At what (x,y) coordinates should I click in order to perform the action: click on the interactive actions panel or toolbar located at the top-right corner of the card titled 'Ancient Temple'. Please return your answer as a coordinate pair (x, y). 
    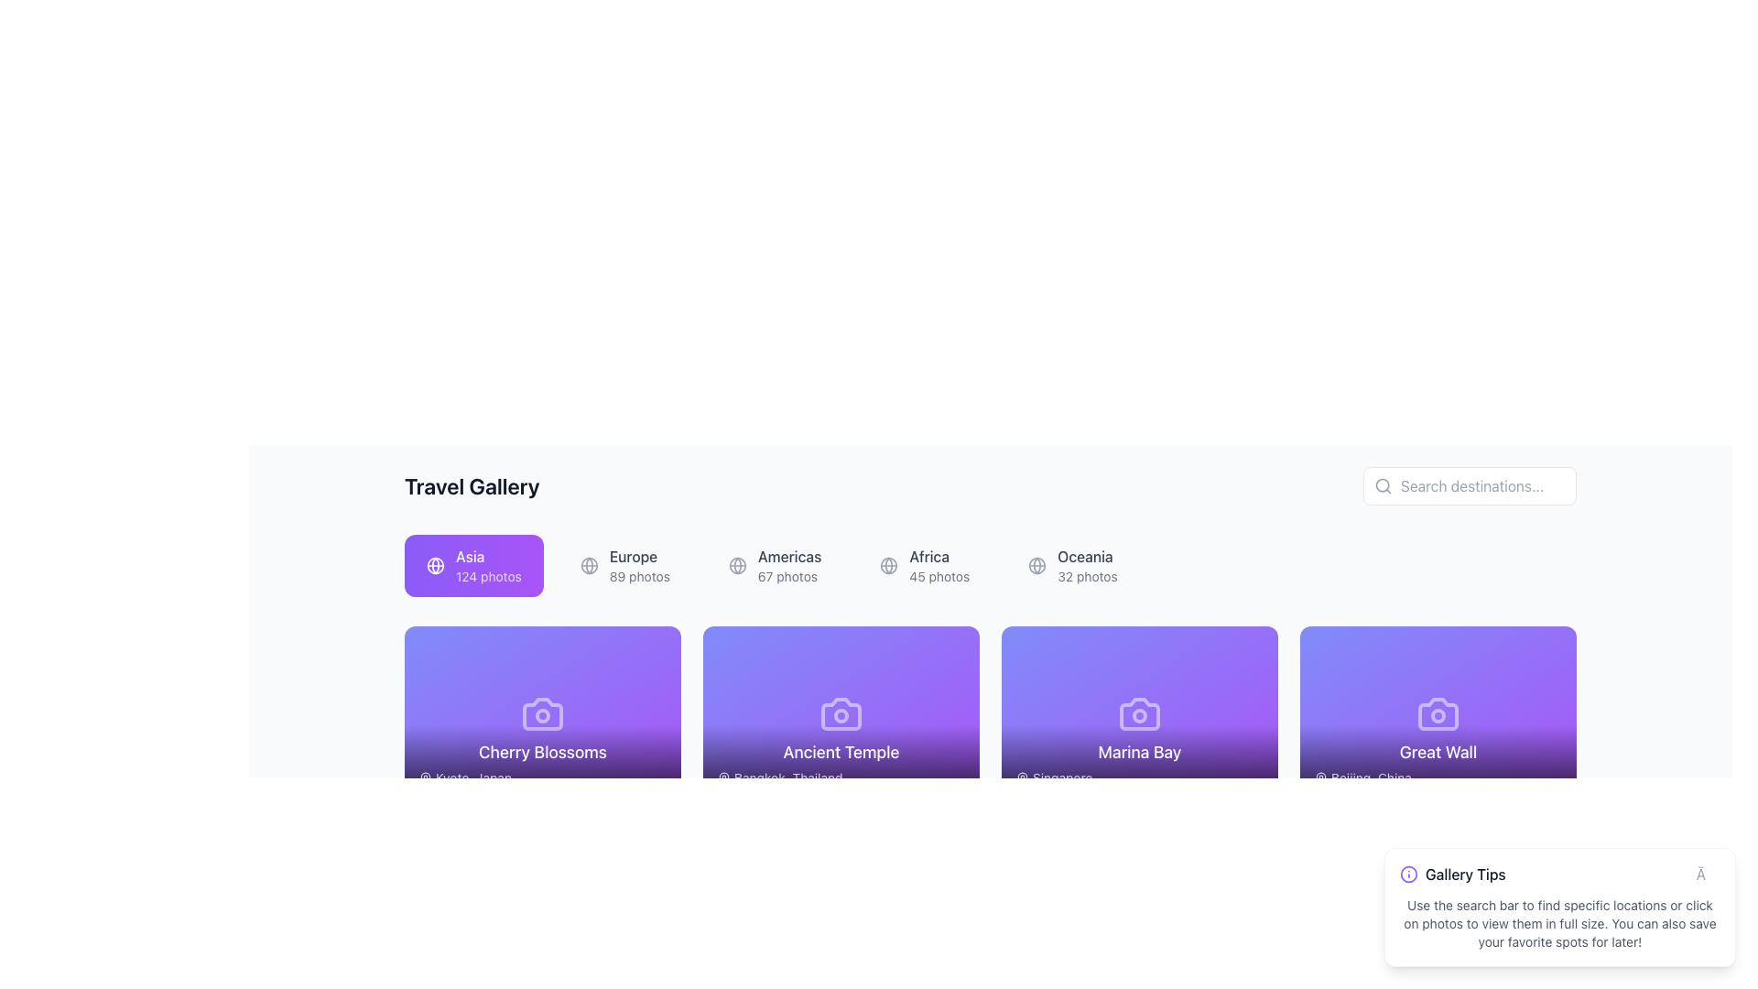
    Looking at the image, I should click on (910, 656).